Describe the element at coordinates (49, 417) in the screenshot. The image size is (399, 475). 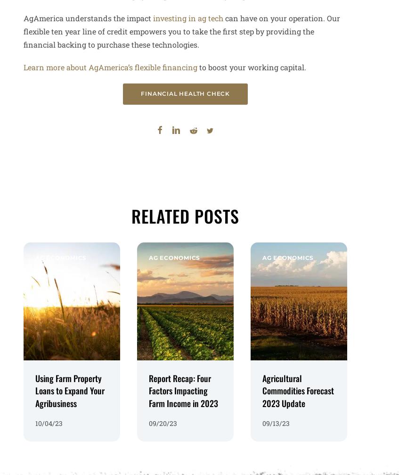
I see `'10/04/23'` at that location.